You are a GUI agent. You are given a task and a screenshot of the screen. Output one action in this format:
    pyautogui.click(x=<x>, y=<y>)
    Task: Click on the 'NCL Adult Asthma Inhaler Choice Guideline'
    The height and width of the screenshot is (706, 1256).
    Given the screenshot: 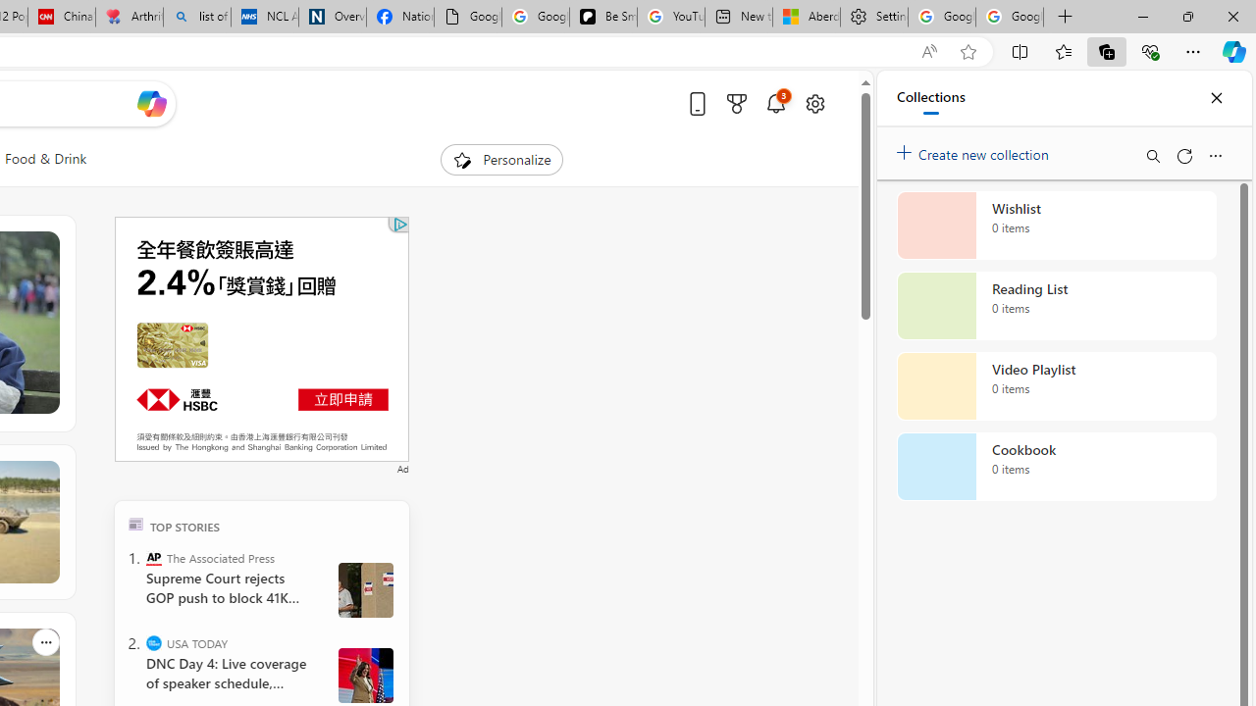 What is the action you would take?
    pyautogui.click(x=264, y=17)
    